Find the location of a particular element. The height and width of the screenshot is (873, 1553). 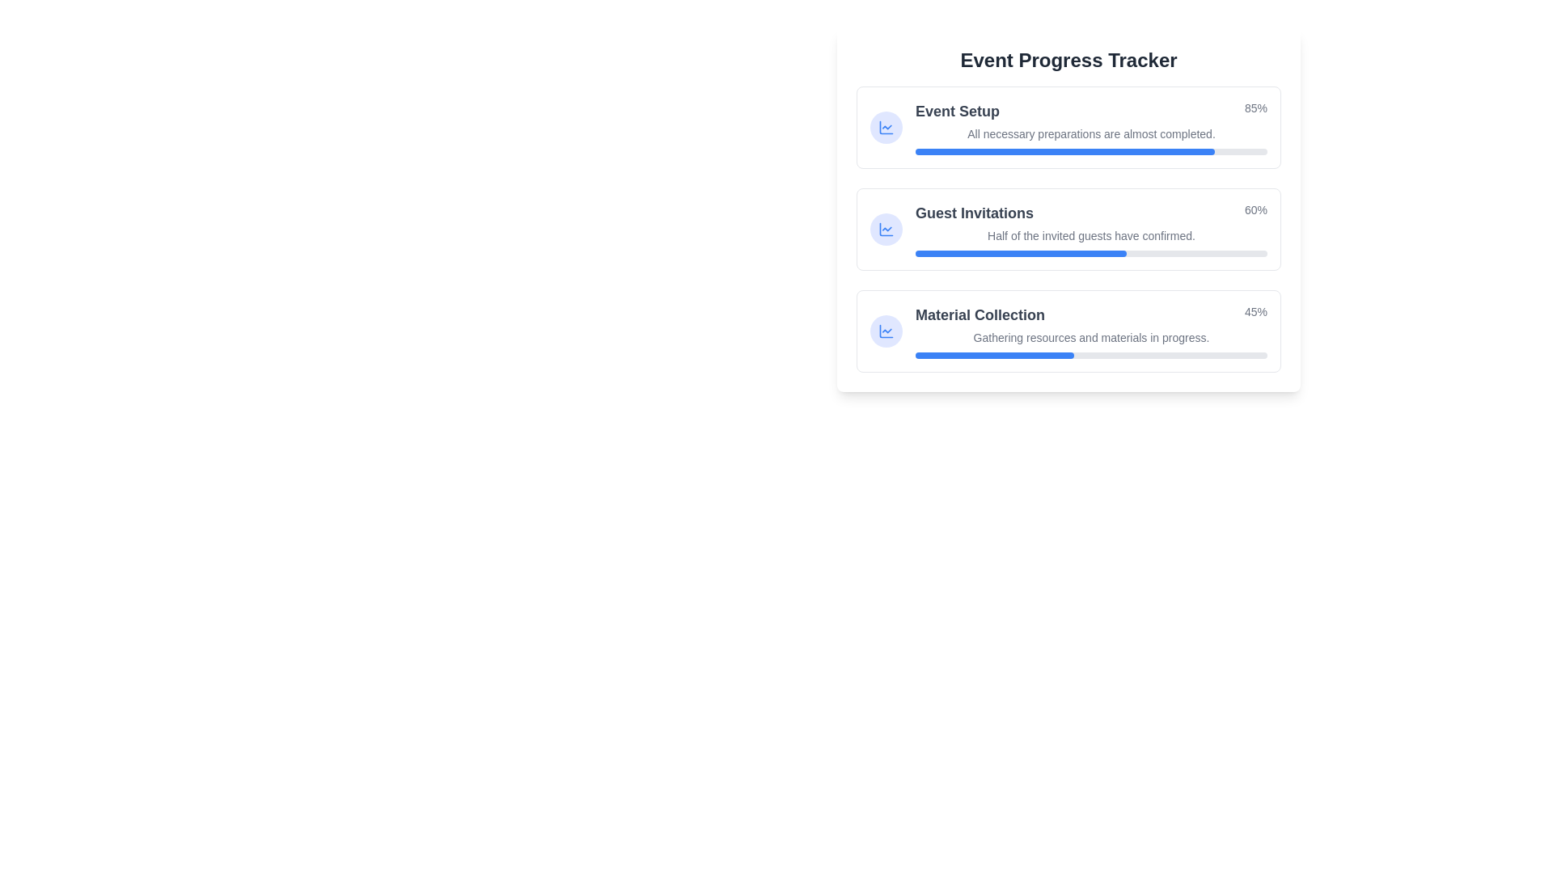

the chart icon representing the progress or status of guest invitations in the 'Guest Invitations' section of the 'Event Progress Tracker' is located at coordinates (885, 230).